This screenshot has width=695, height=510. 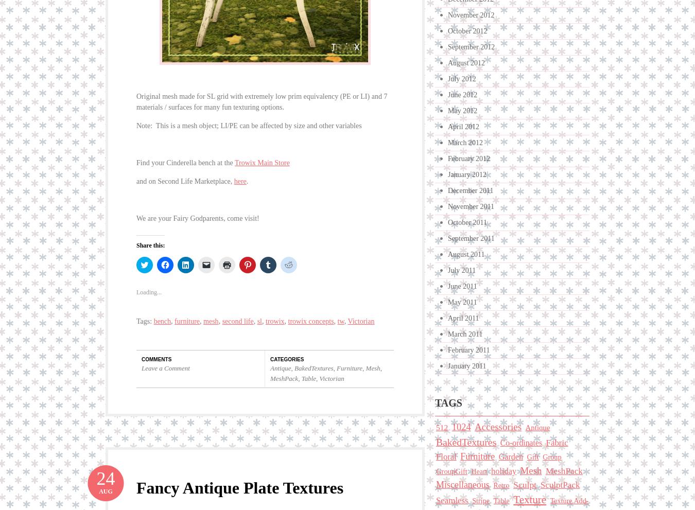 I want to click on 'furniture', so click(x=187, y=319).